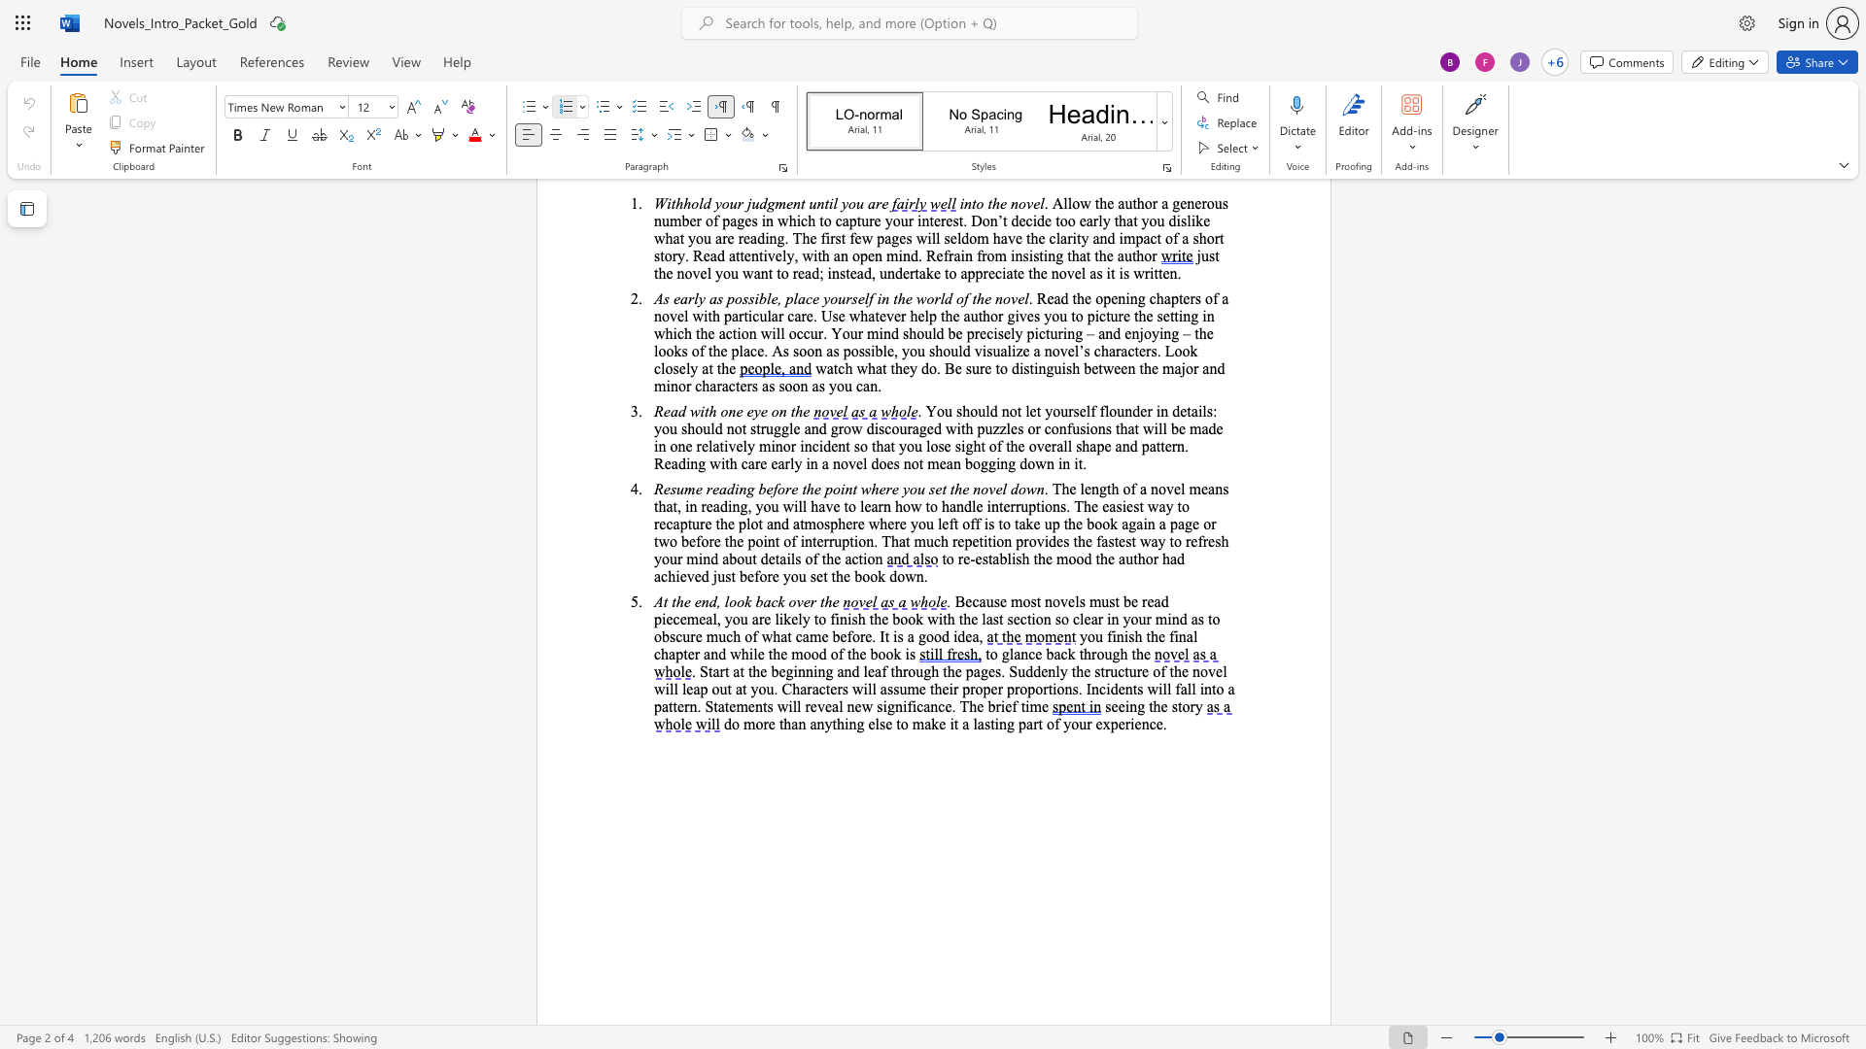 This screenshot has height=1049, width=1866. Describe the element at coordinates (1095, 636) in the screenshot. I see `the space between the continuous character "o" and "u" in the text` at that location.